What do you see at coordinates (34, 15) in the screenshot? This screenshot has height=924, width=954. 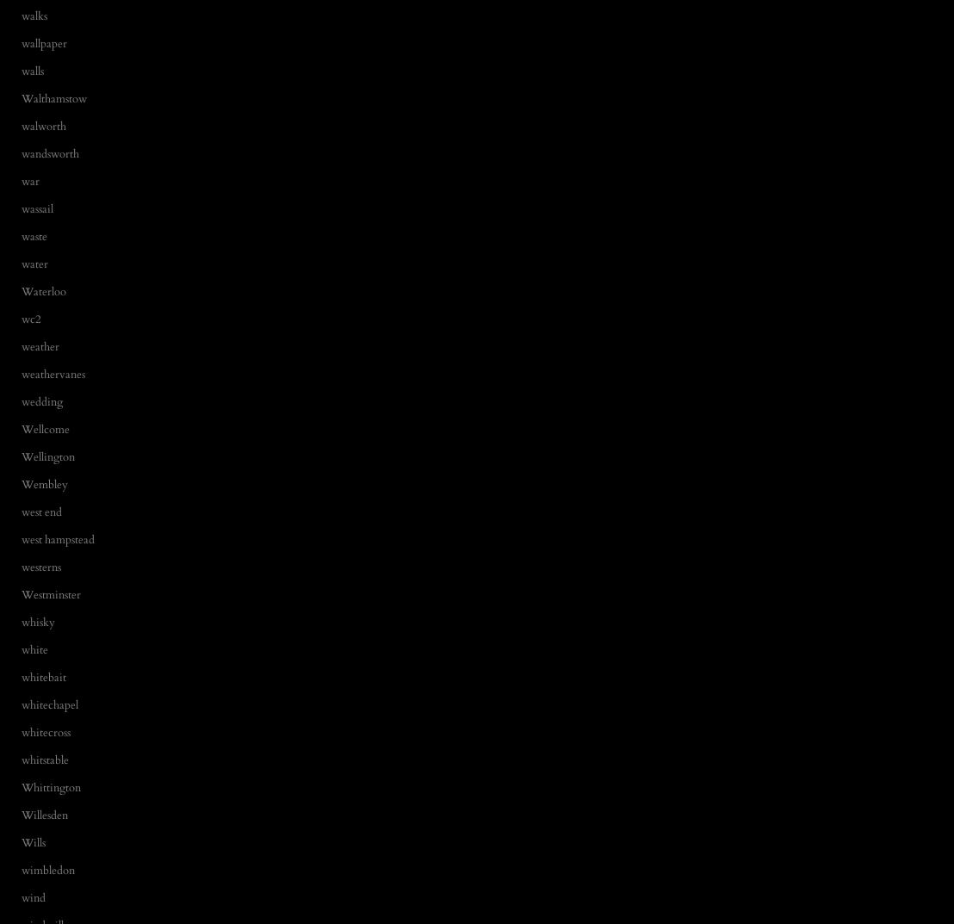 I see `'walks'` at bounding box center [34, 15].